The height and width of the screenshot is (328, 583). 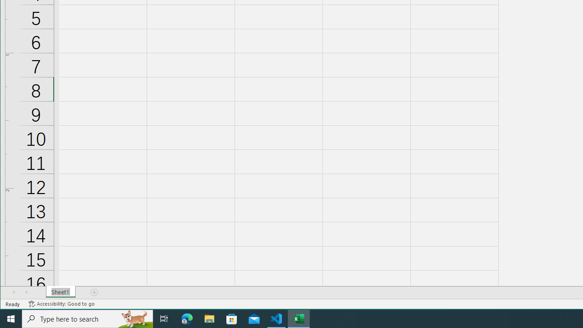 What do you see at coordinates (14, 292) in the screenshot?
I see `'Scroll Left'` at bounding box center [14, 292].